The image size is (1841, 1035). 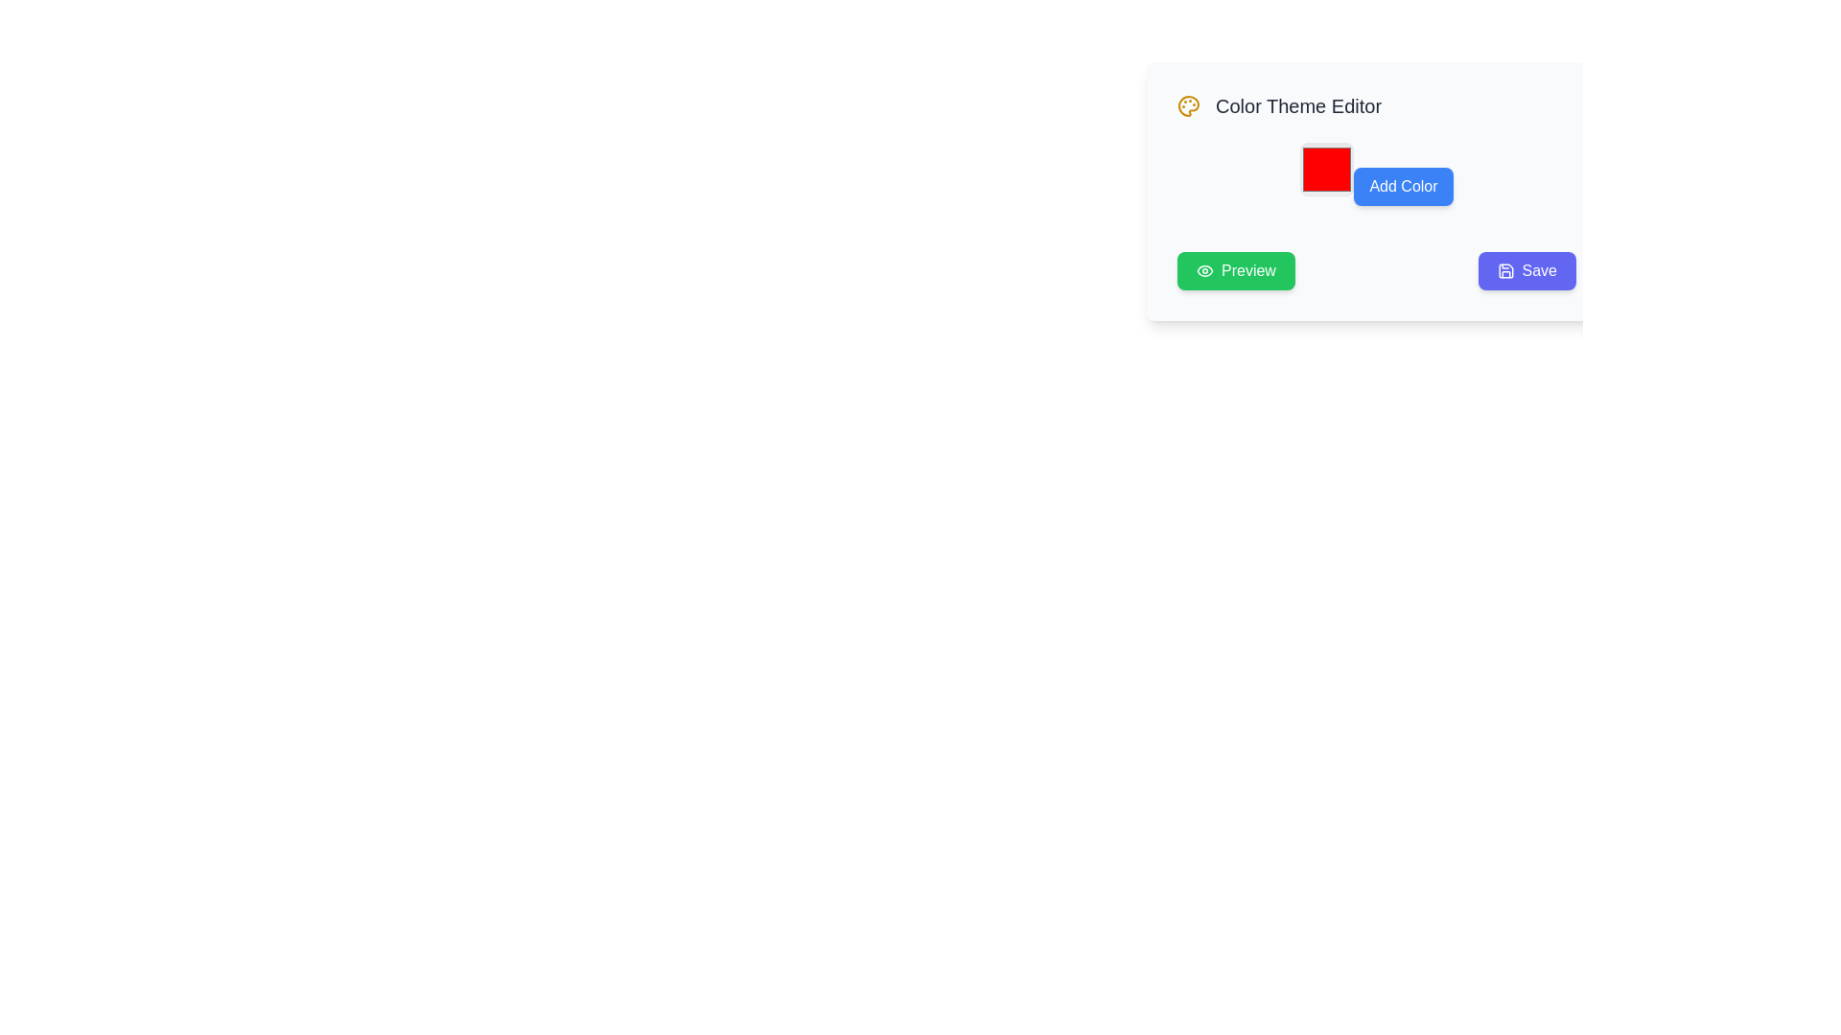 What do you see at coordinates (1404, 187) in the screenshot?
I see `the button that allows users to add or define a color in the theme editor, located beneath and slightly to the right of the color square element in the 'Color Theme Editor'` at bounding box center [1404, 187].